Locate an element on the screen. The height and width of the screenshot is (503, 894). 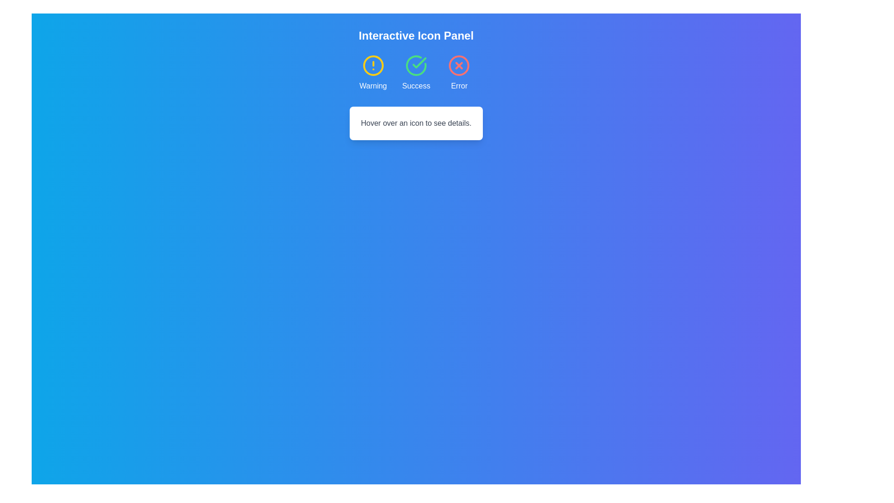
the check mark overlay inside the 'Success' icon, which is part of the graphical representation indicating successful operation completion is located at coordinates (419, 63).